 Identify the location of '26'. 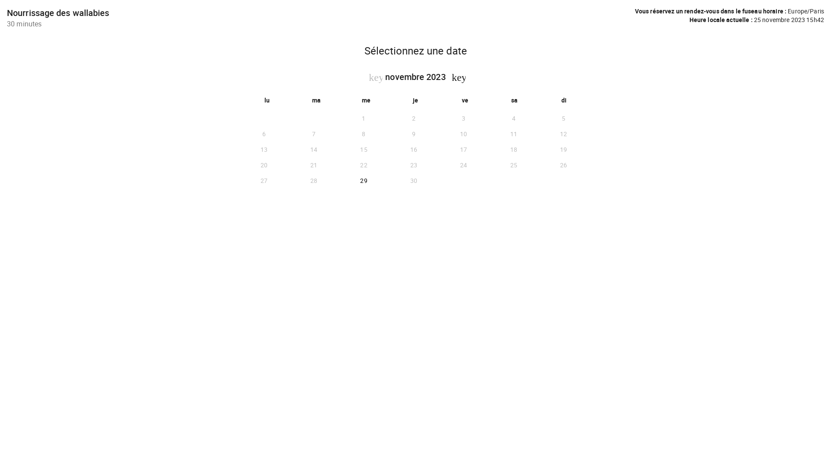
(564, 165).